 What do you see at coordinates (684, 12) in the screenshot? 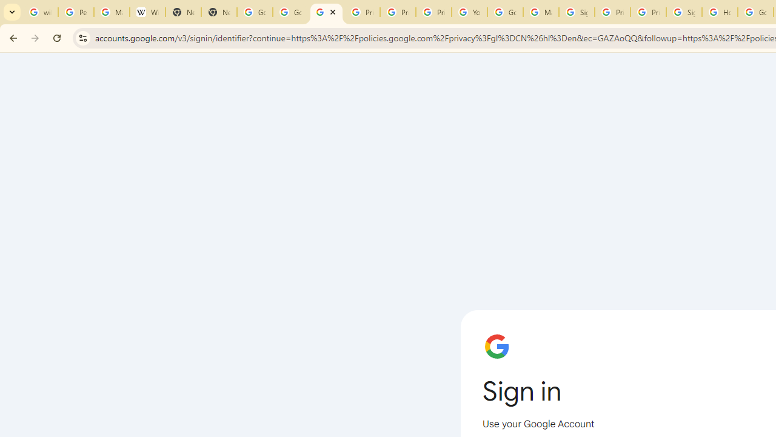
I see `'Sign in - Google Accounts'` at bounding box center [684, 12].